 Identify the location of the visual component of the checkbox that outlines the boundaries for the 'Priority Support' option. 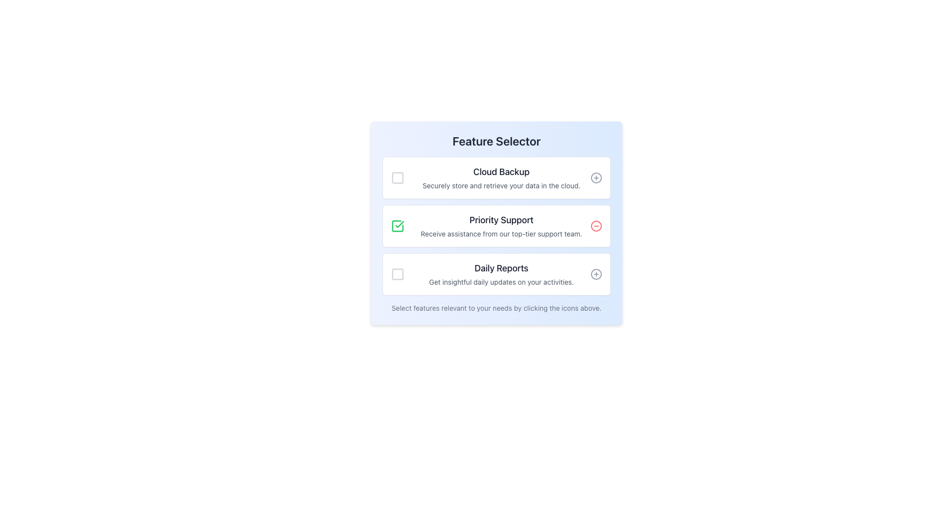
(398, 226).